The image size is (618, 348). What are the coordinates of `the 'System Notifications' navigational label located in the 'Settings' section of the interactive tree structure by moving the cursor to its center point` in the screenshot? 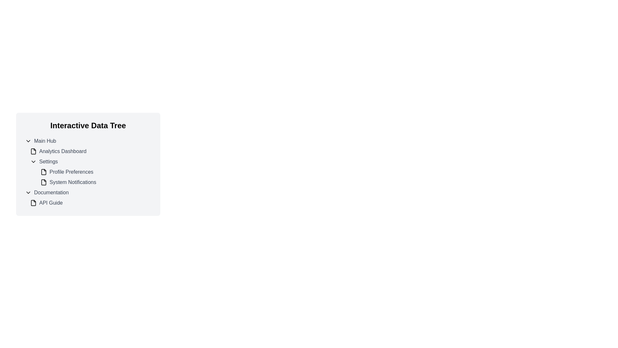 It's located at (95, 182).